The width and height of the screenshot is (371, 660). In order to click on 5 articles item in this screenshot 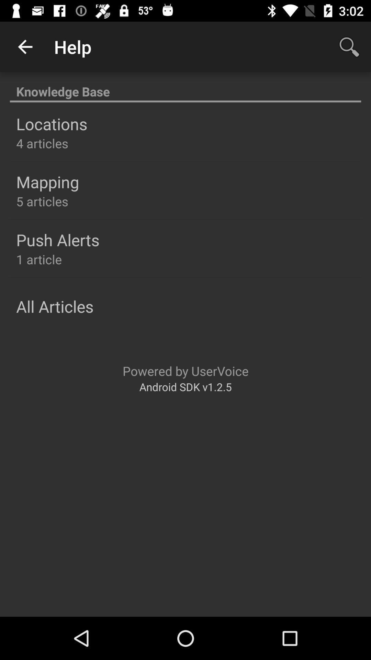, I will do `click(42, 201)`.